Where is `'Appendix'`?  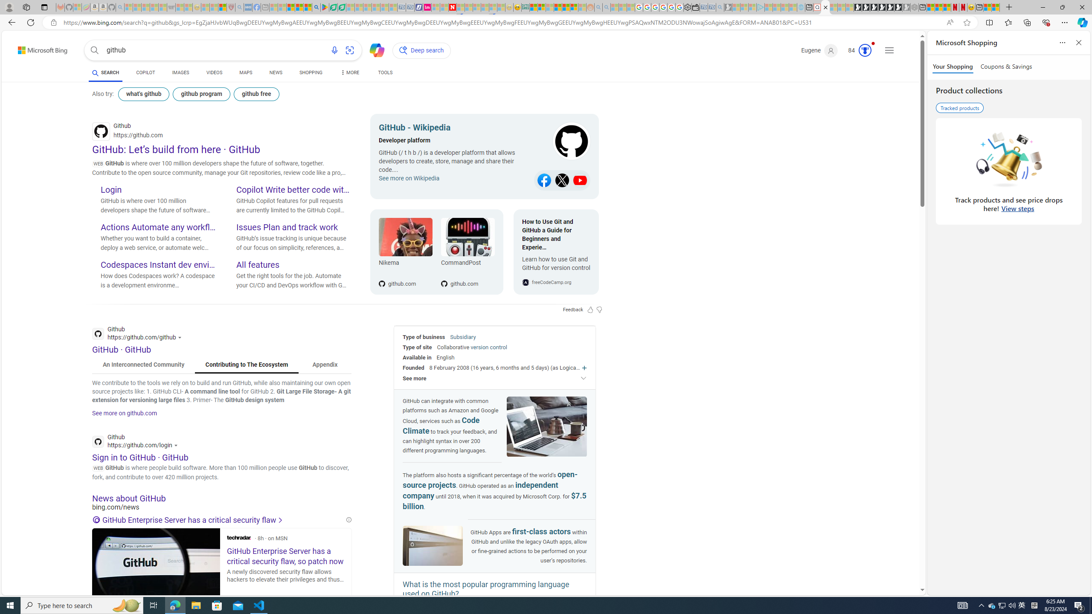
'Appendix' is located at coordinates (325, 365).